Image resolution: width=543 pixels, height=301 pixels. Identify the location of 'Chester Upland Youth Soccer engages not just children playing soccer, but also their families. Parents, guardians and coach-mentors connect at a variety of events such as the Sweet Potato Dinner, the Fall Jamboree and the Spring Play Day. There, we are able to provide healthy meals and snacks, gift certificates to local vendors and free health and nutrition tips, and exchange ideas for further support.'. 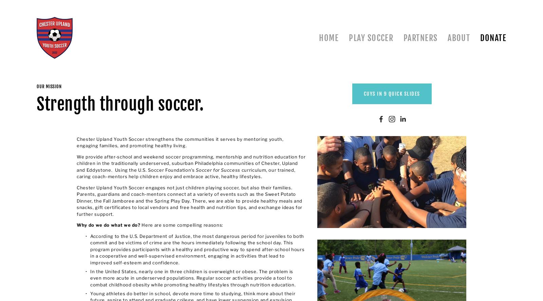
(76, 200).